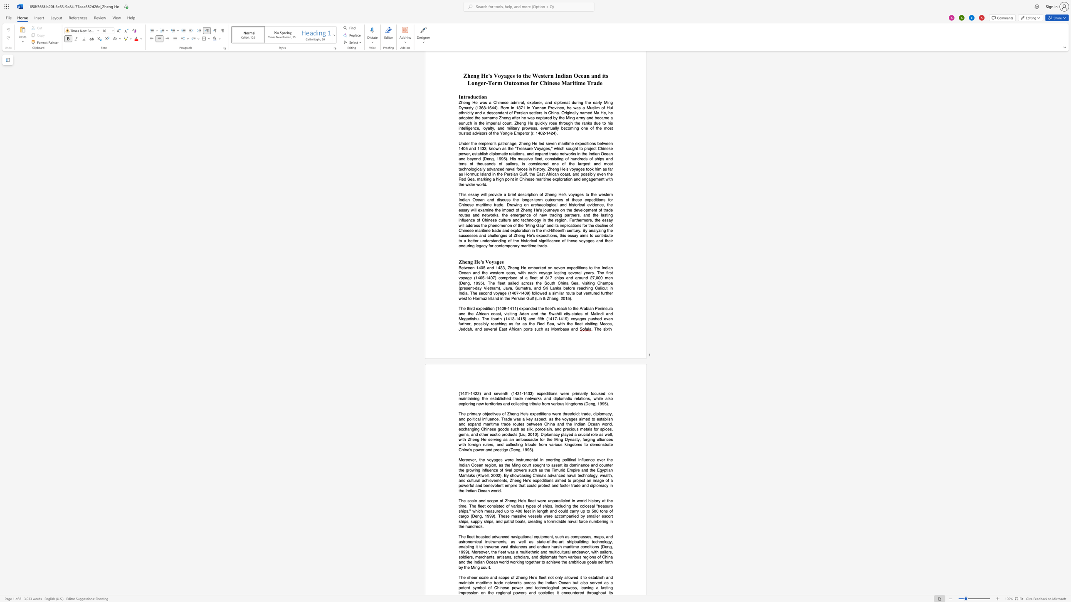  I want to click on the subset text "red" within the text "encountered", so click(577, 592).